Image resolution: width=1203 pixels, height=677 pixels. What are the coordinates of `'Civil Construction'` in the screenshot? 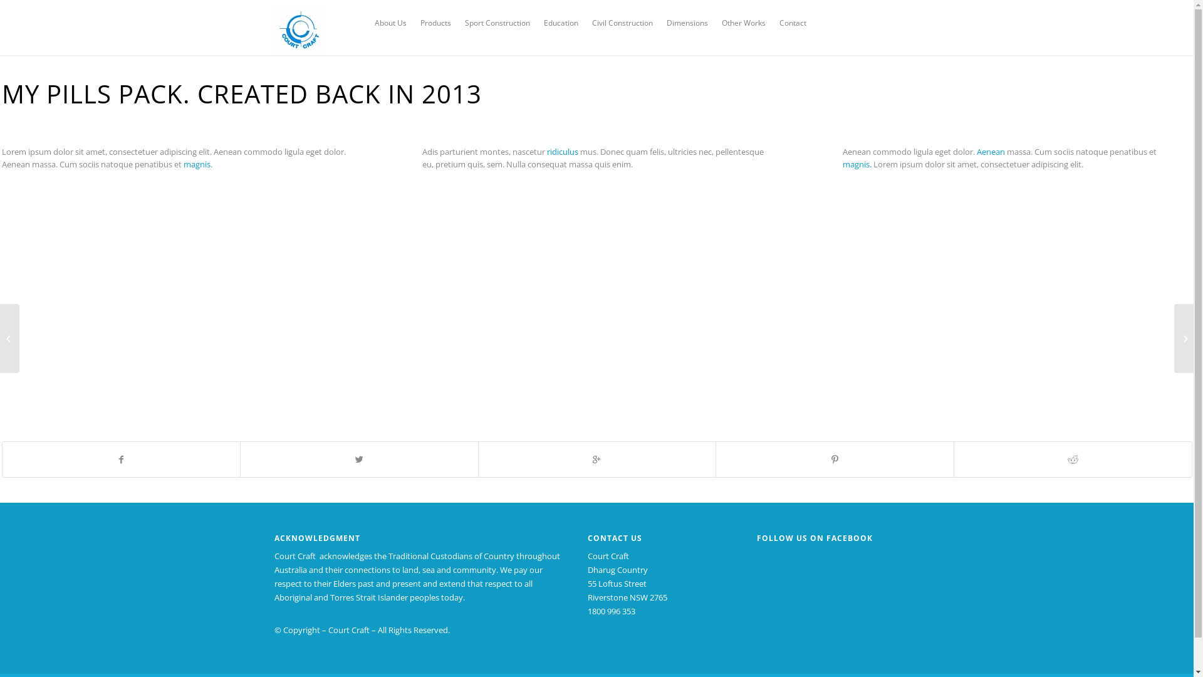 It's located at (622, 23).